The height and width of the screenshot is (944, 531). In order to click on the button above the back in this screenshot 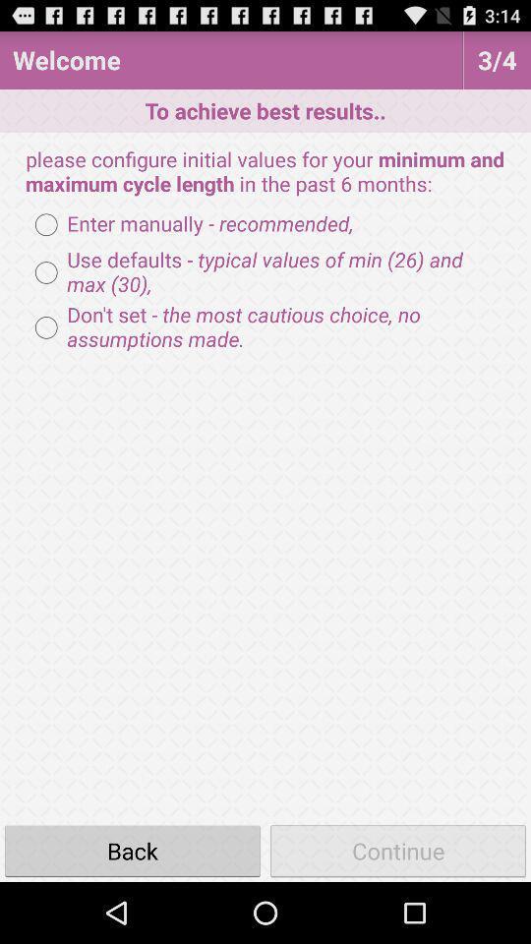, I will do `click(265, 327)`.